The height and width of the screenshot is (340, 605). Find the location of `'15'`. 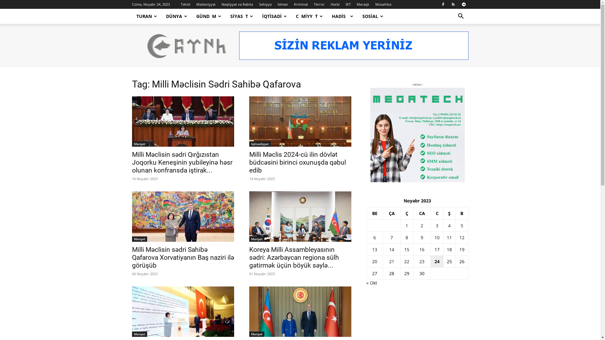

'15' is located at coordinates (407, 249).